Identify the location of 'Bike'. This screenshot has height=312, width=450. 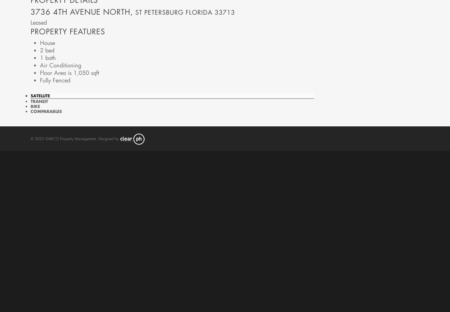
(35, 105).